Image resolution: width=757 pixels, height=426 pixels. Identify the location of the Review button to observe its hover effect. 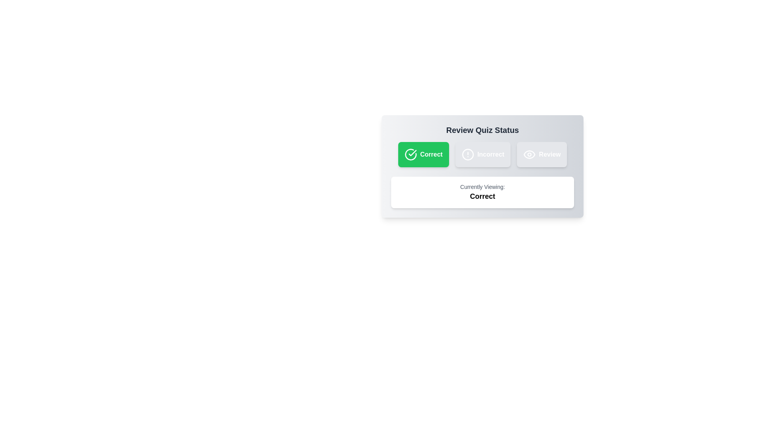
(541, 155).